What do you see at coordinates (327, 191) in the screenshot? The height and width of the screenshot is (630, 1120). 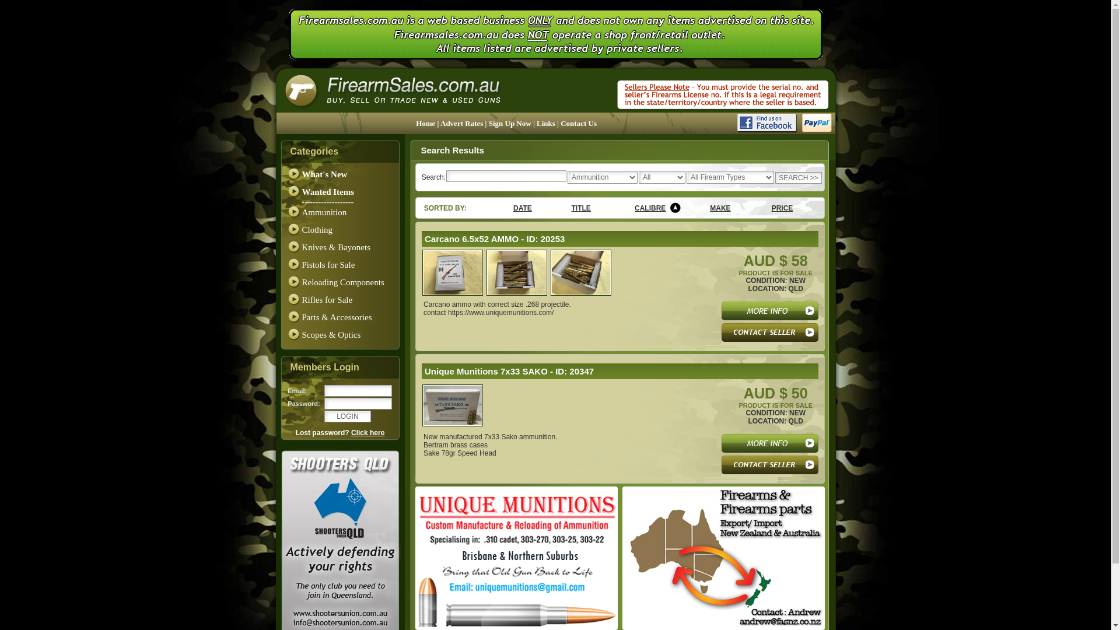 I see `'Wanted Items'` at bounding box center [327, 191].